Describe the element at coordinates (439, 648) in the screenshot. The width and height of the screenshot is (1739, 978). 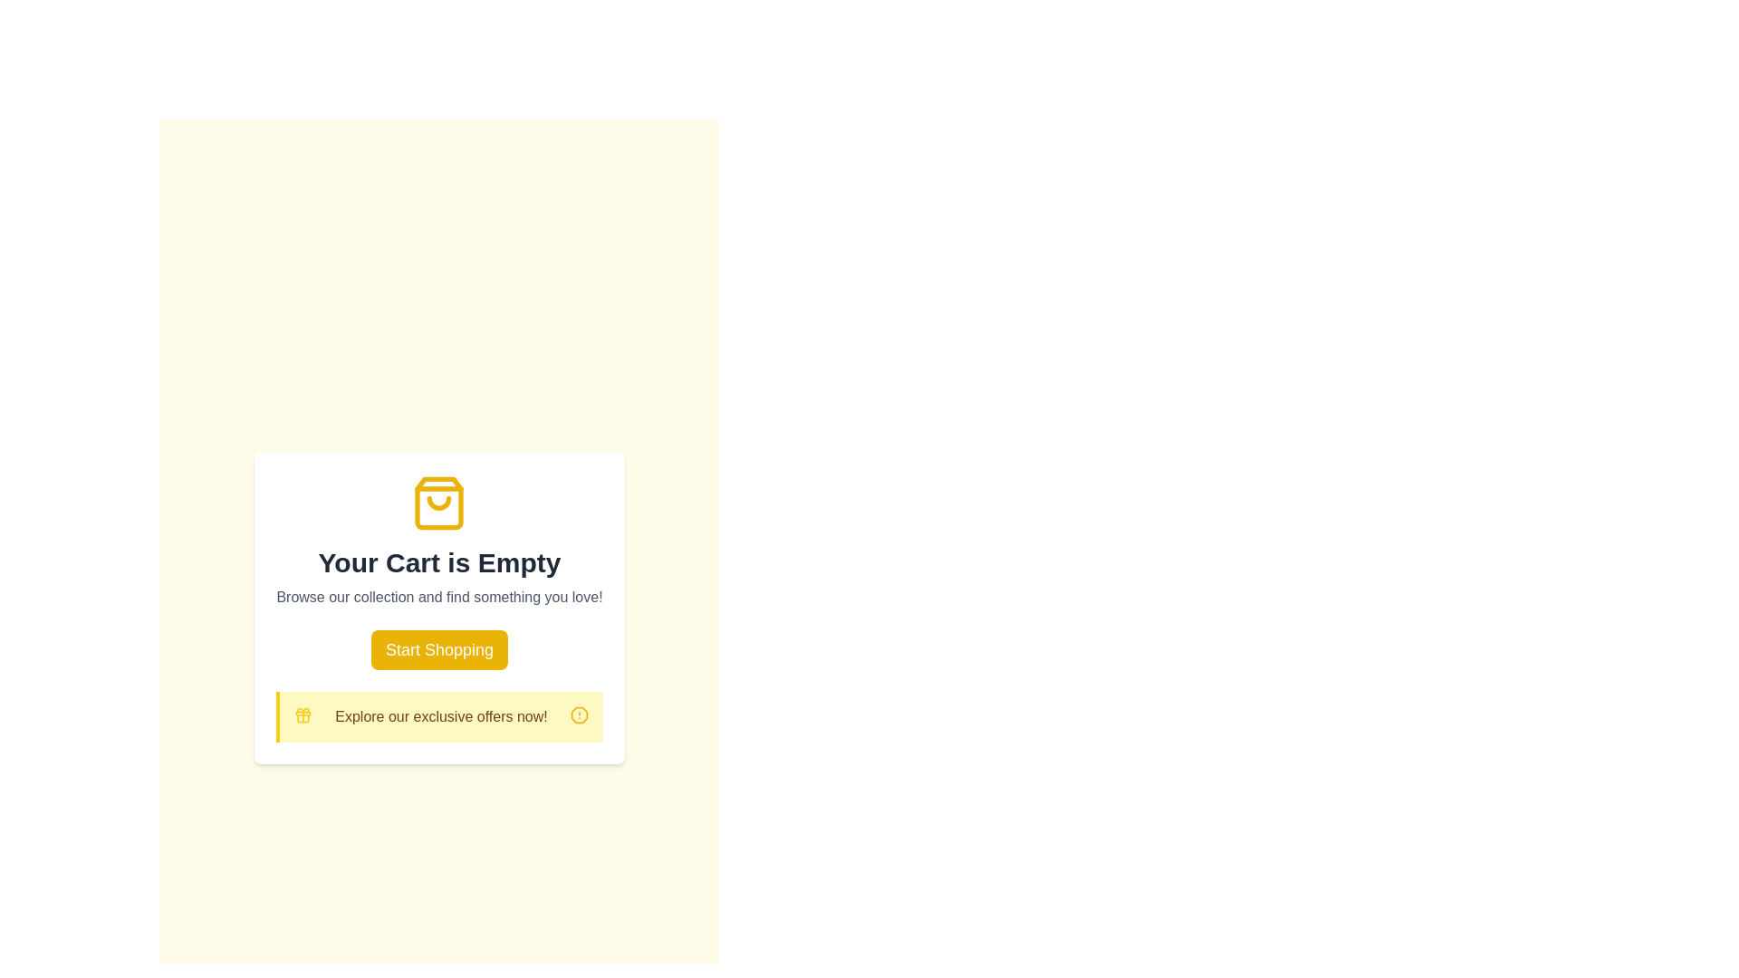
I see `the button that redirects users to the shopping section, located below the subtitle 'Browse our collection and find something you love!' and above the yellow informational box` at that location.